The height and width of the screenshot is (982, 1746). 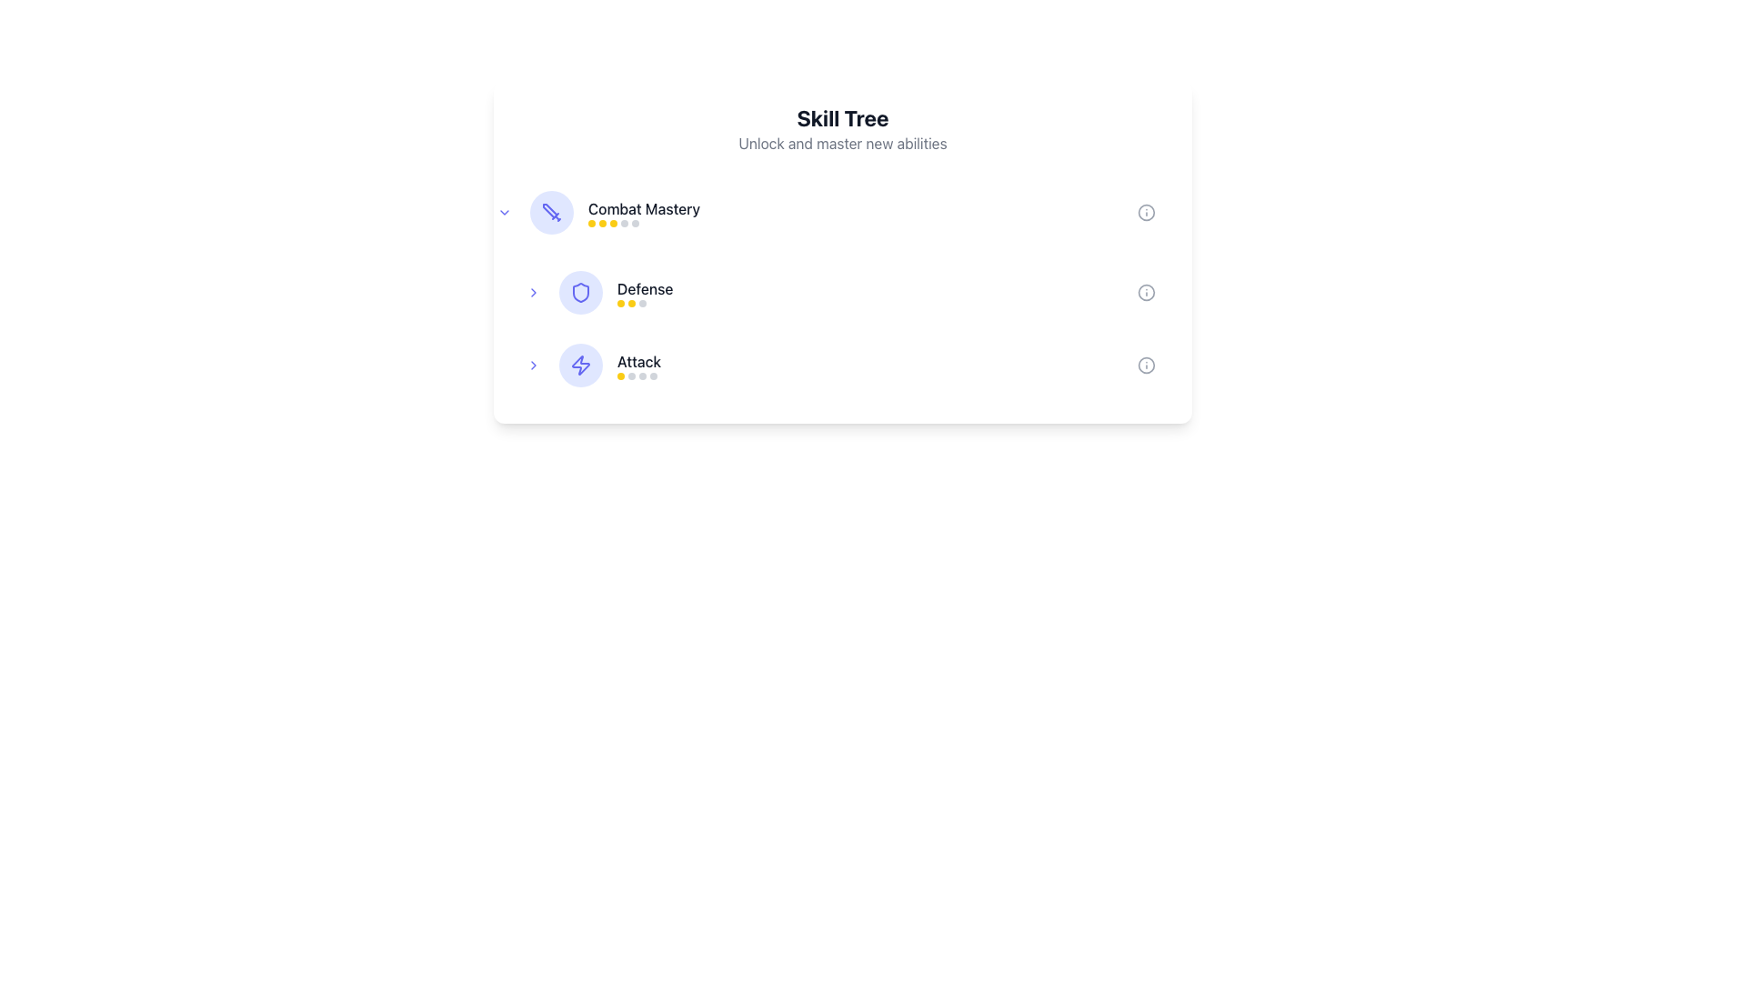 I want to click on the circular button with a light indigo background containing a shield icon, located in the 'Defense' section of the skill tree interface, to the left of the 'Defense' label, so click(x=579, y=291).